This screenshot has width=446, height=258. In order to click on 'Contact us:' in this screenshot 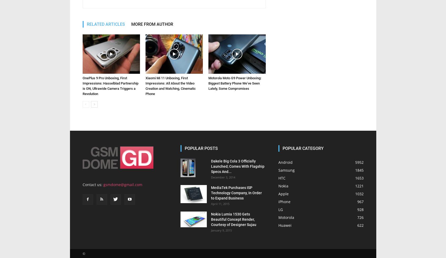, I will do `click(92, 112)`.